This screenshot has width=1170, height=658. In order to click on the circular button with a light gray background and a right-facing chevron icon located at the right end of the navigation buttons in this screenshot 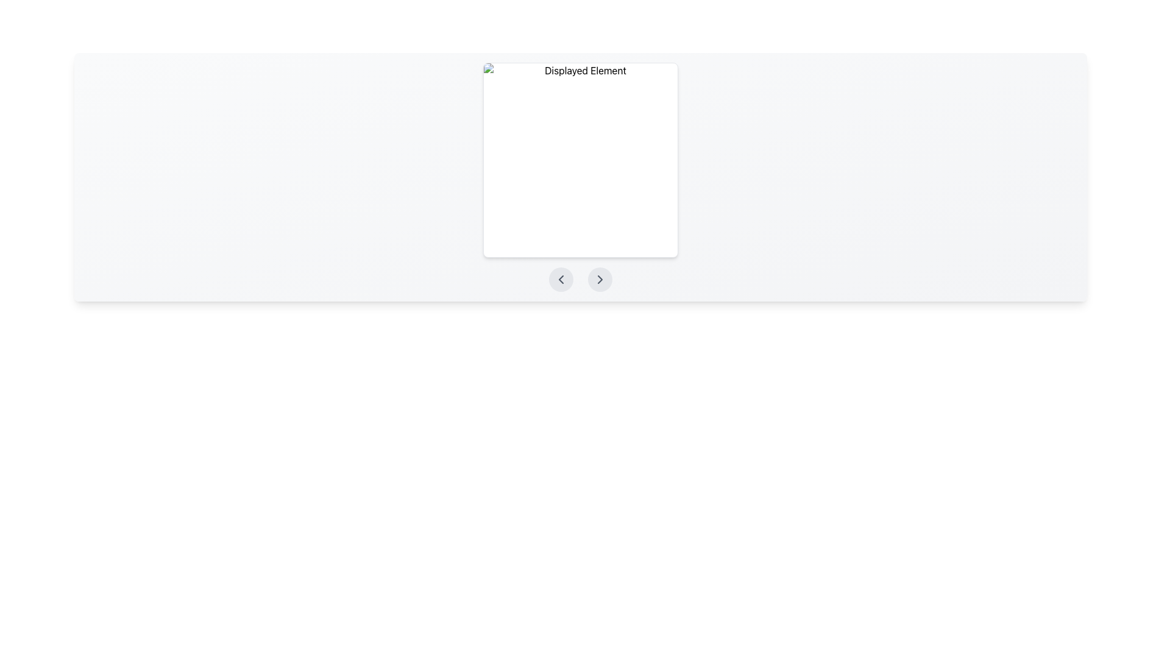, I will do `click(600, 280)`.